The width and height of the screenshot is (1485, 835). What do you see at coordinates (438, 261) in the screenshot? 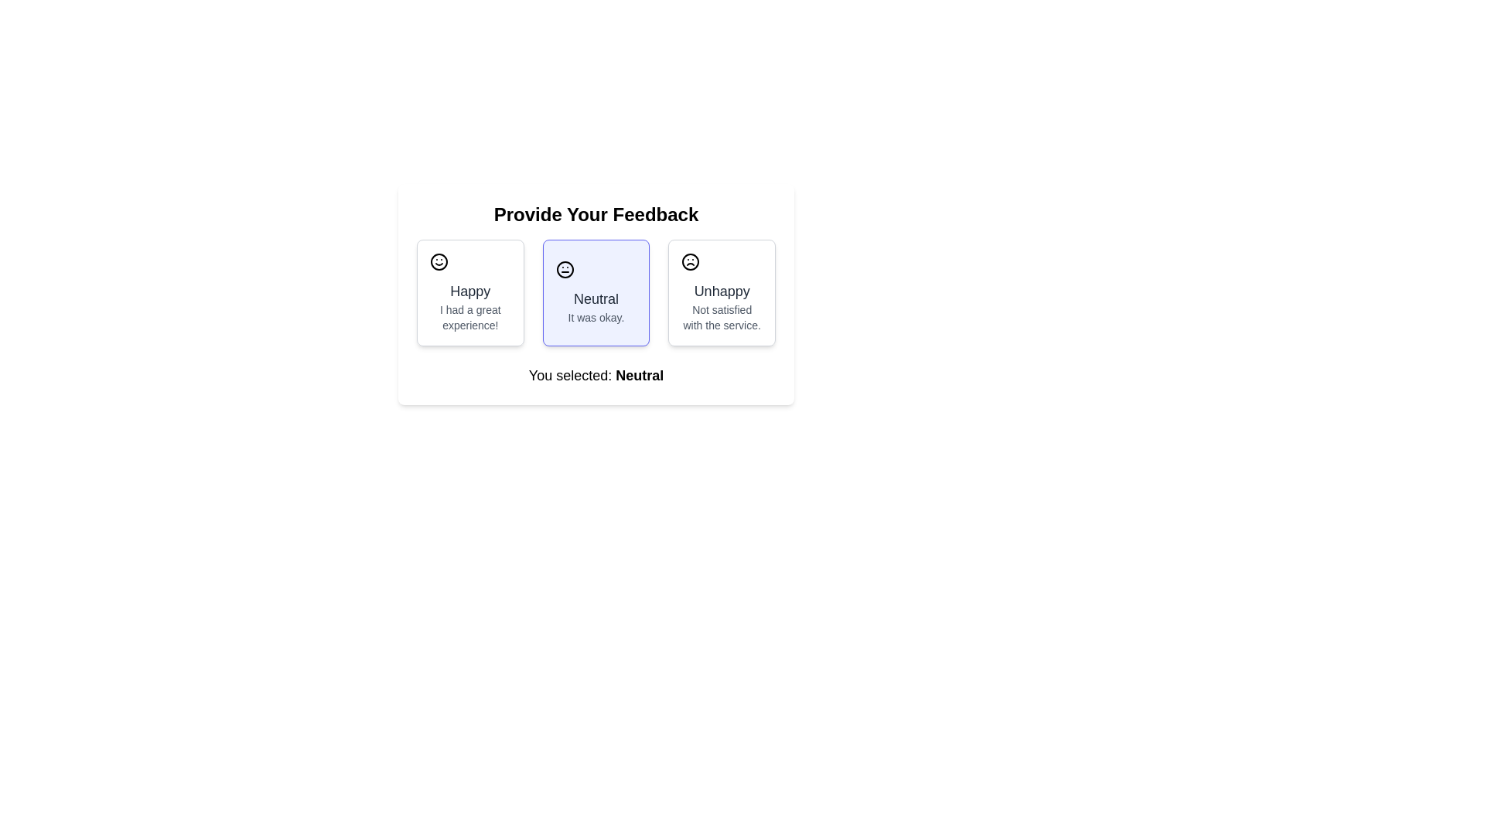
I see `the 'Happy' feedback icon located at the top-left position of the feedback selection panel` at bounding box center [438, 261].